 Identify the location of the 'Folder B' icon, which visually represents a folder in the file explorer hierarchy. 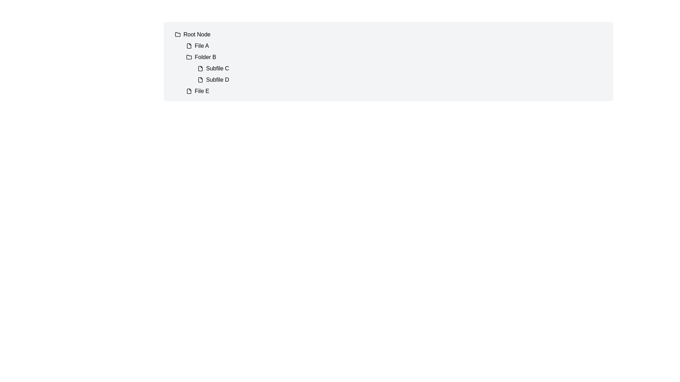
(189, 57).